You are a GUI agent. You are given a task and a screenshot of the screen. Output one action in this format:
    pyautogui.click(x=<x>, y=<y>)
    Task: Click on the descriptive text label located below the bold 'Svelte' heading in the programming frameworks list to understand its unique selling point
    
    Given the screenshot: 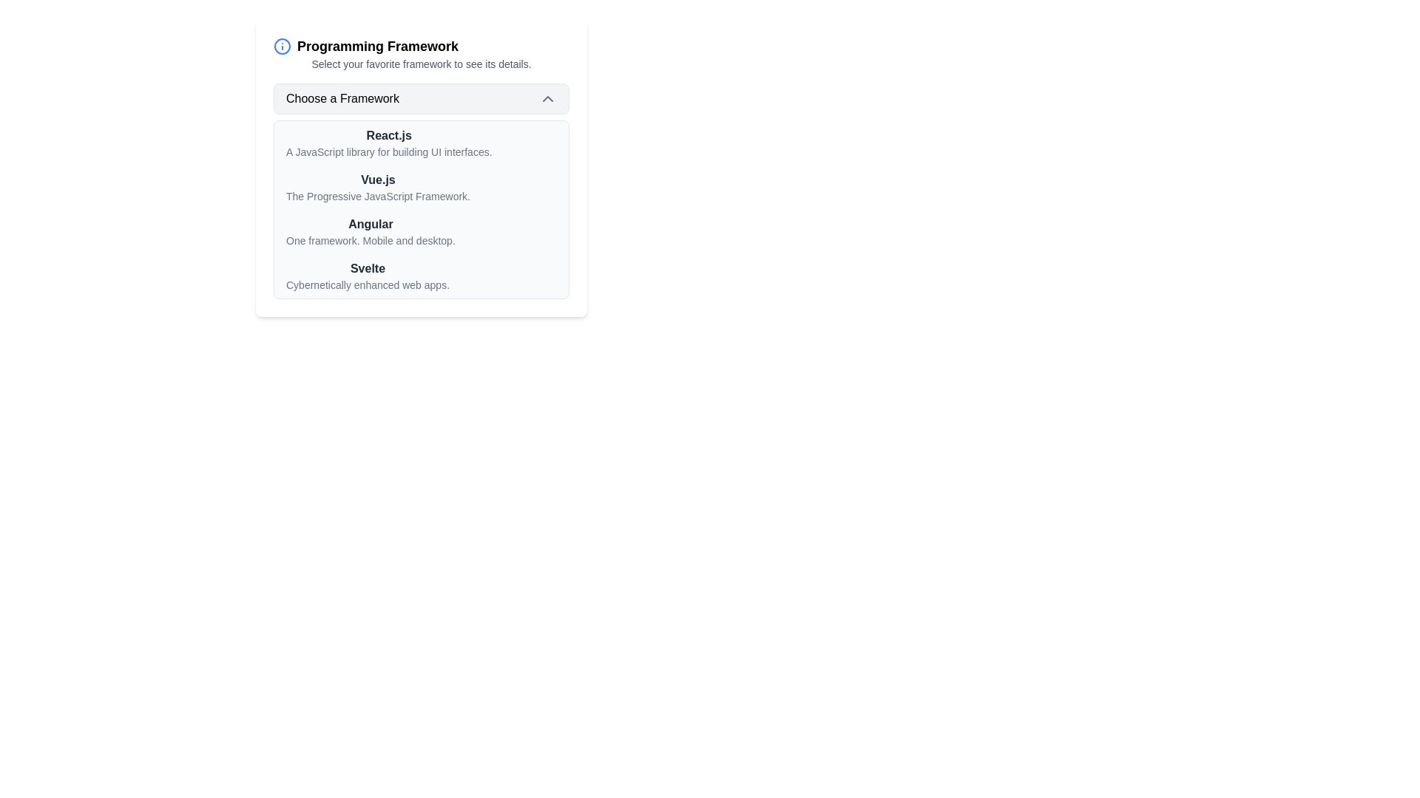 What is the action you would take?
    pyautogui.click(x=368, y=284)
    